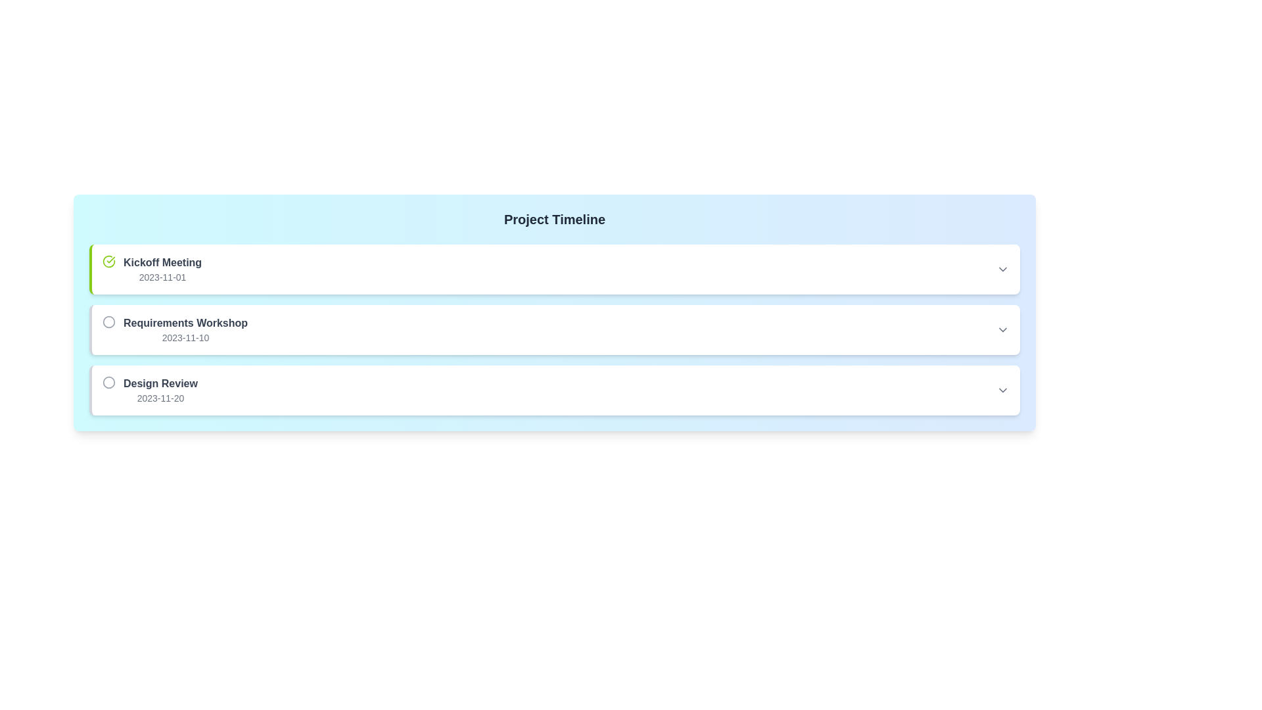 The image size is (1262, 710). Describe the element at coordinates (150, 390) in the screenshot. I see `the third list item labeled 'Design Review' under the 'Project Timeline' section for further interactions` at that location.